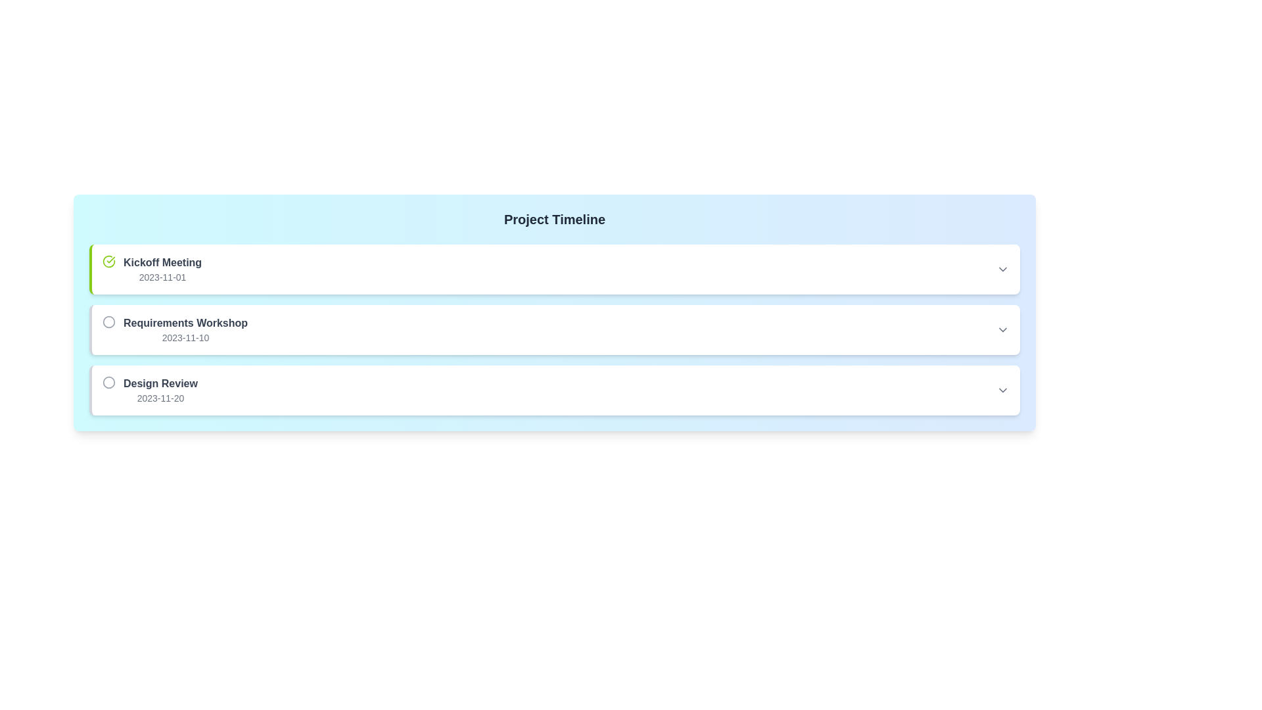 The image size is (1262, 710). Describe the element at coordinates (150, 390) in the screenshot. I see `the third list item labeled 'Design Review' under the 'Project Timeline' section for further interactions` at that location.